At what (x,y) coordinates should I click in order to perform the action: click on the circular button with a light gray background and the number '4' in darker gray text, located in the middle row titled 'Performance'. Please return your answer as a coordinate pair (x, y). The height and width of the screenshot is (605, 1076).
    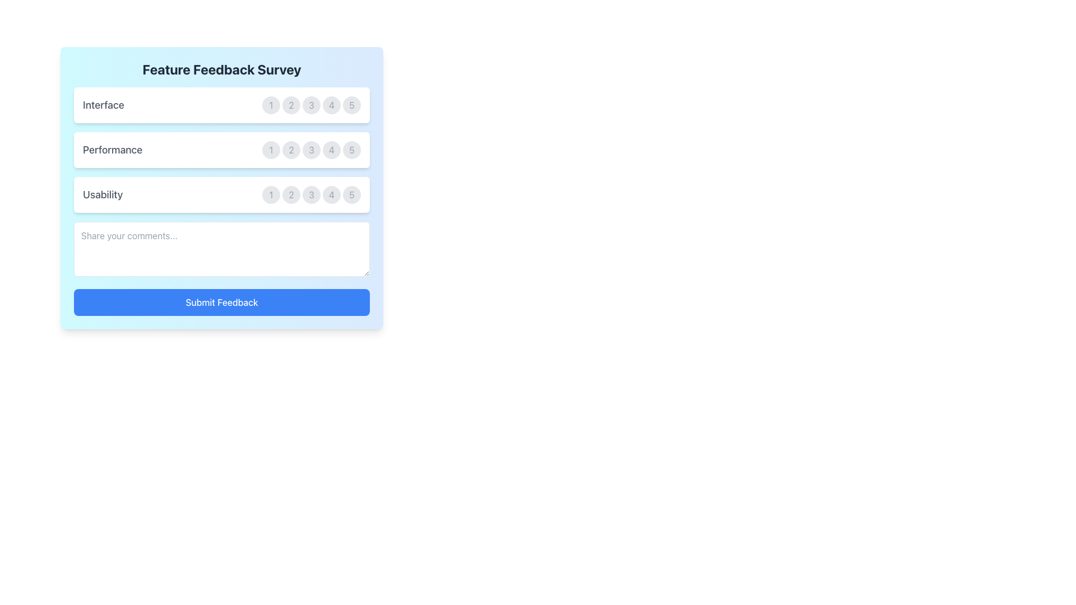
    Looking at the image, I should click on (331, 149).